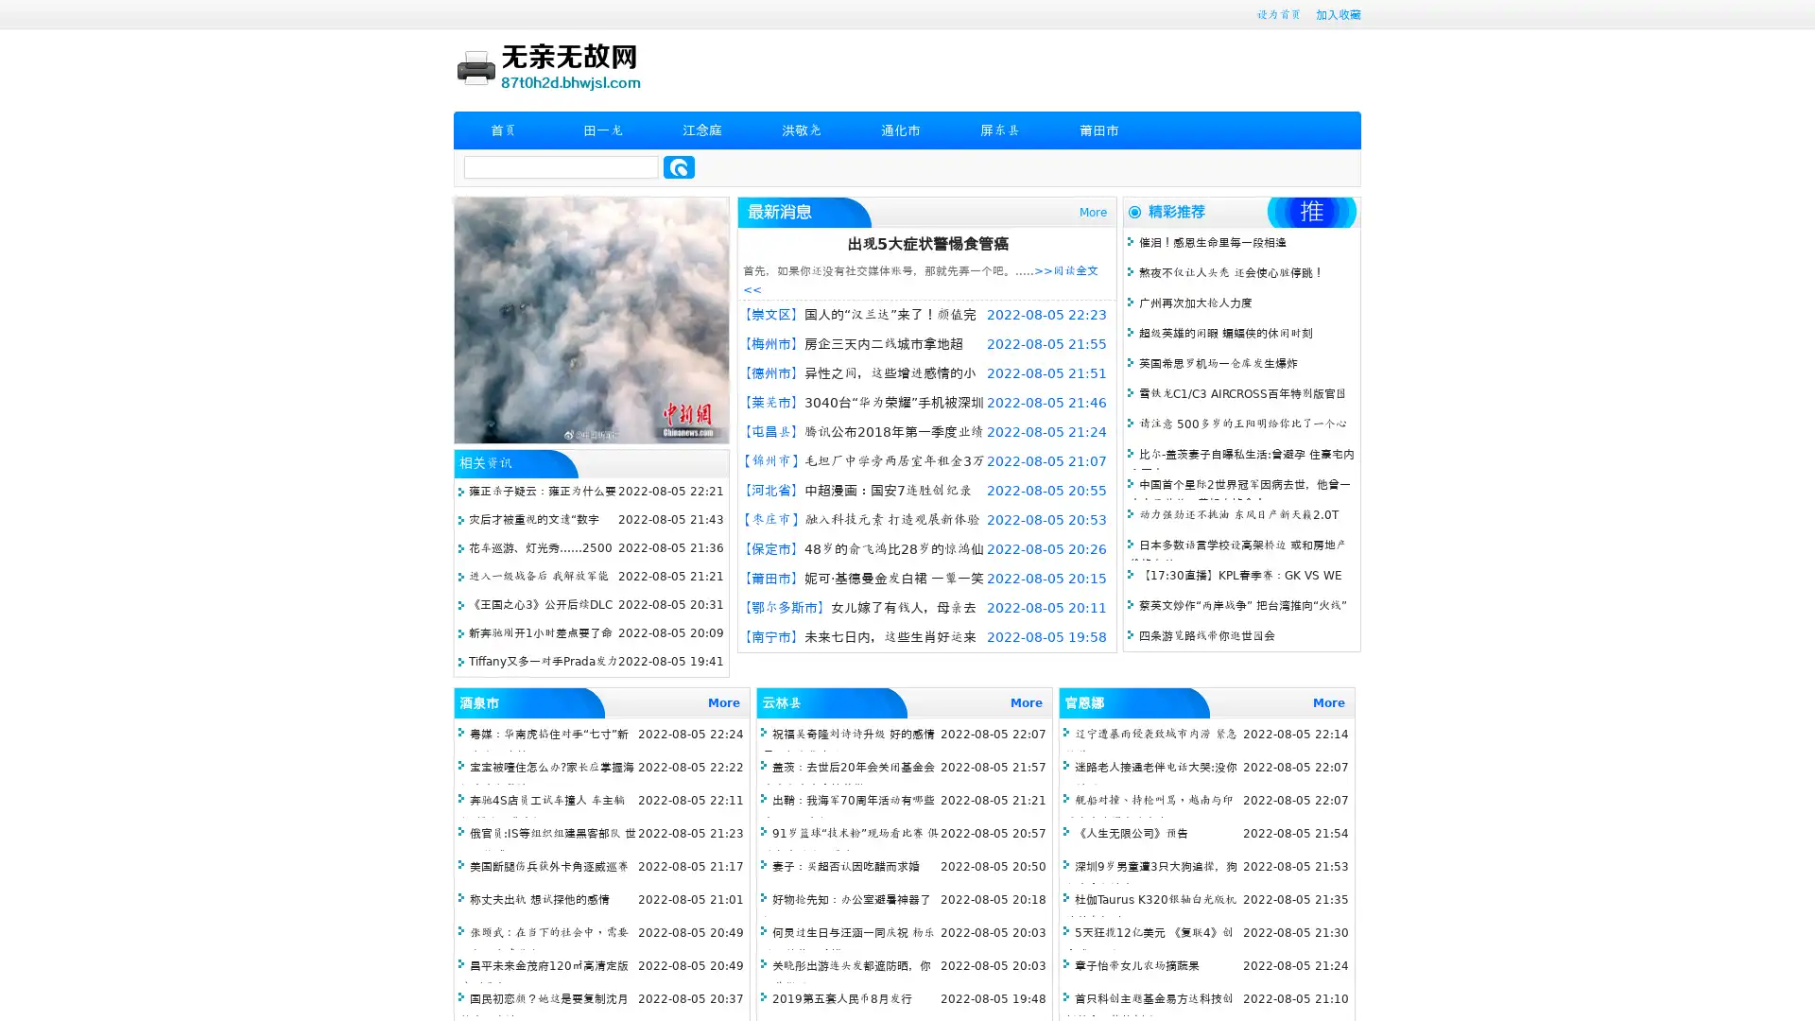 Image resolution: width=1815 pixels, height=1021 pixels. What do you see at coordinates (679, 166) in the screenshot?
I see `Search` at bounding box center [679, 166].